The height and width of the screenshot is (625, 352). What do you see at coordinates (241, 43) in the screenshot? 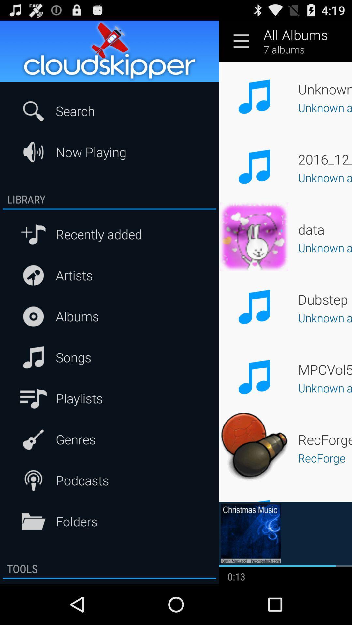
I see `the menu icon` at bounding box center [241, 43].